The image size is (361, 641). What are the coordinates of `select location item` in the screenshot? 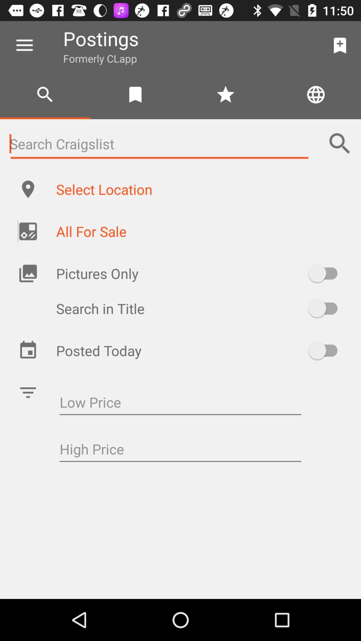 It's located at (201, 189).